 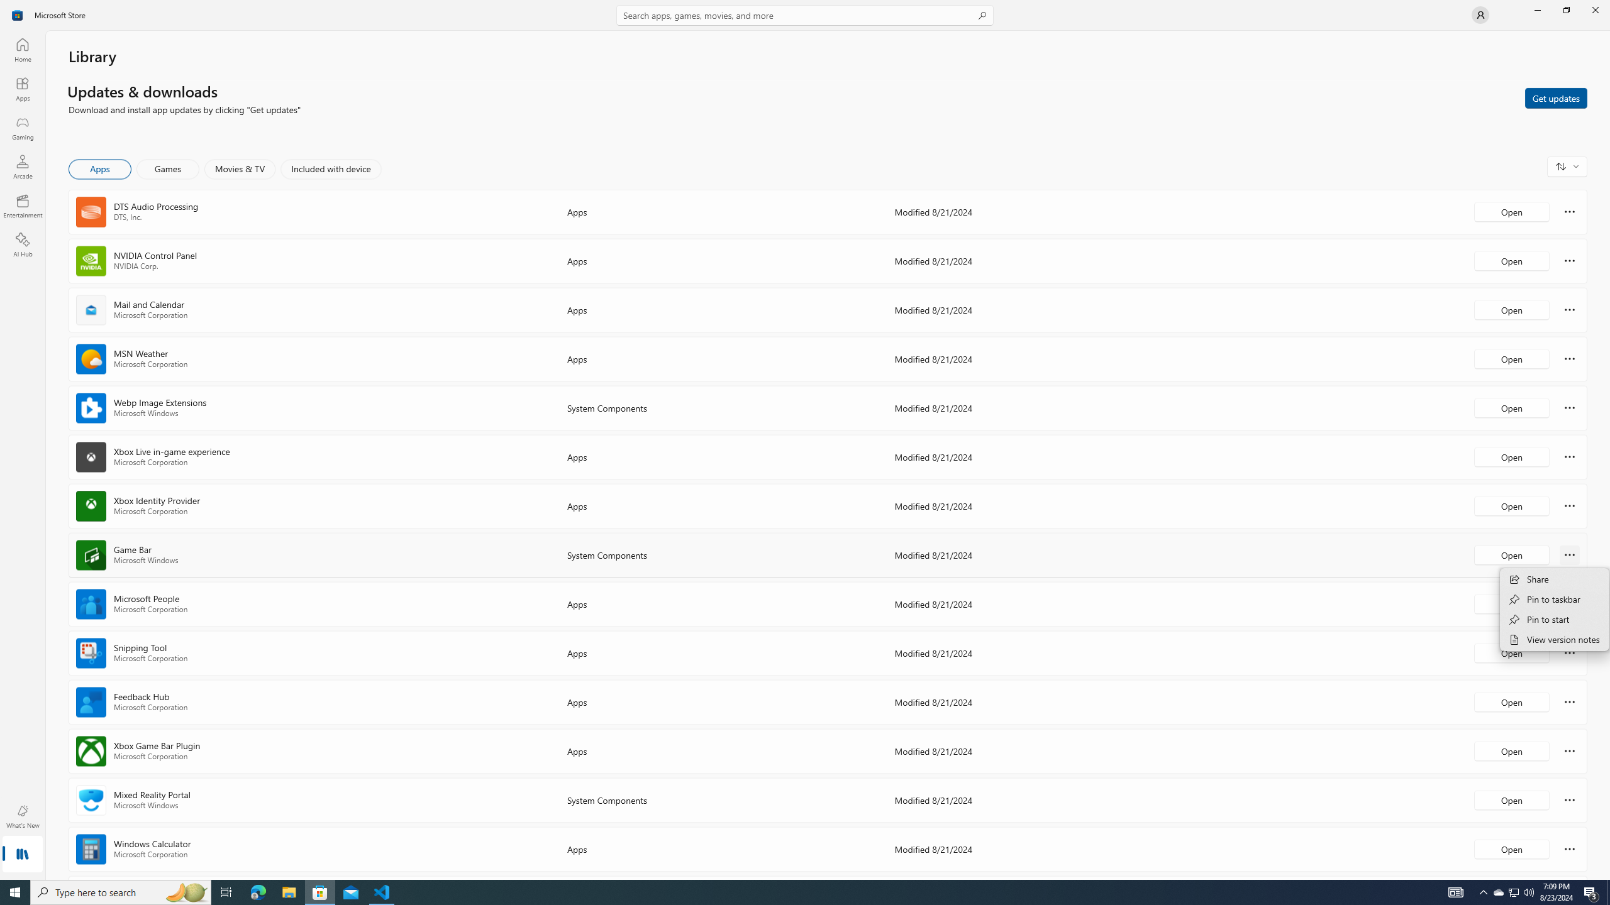 What do you see at coordinates (239, 168) in the screenshot?
I see `'Movies & TV'` at bounding box center [239, 168].